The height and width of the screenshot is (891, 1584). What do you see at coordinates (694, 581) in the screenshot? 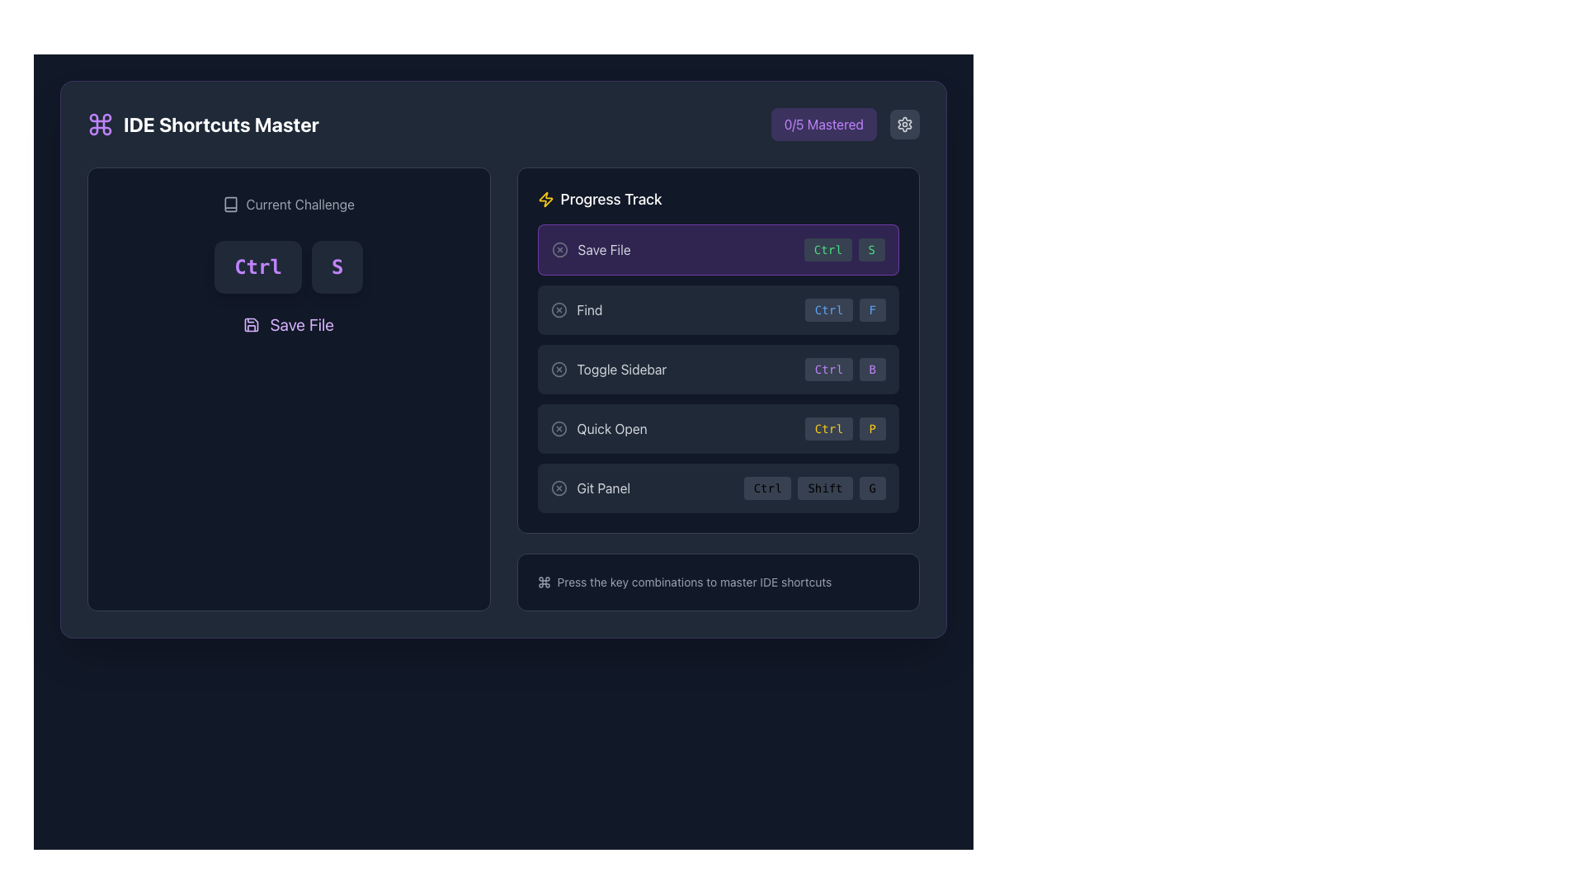
I see `the Static Text Label that reads 'Press the key combinations to master IDE shortcuts', which is styled with a small font size and gray color, located at the bottom of the main content area next to a 'command' symbol icon` at bounding box center [694, 581].